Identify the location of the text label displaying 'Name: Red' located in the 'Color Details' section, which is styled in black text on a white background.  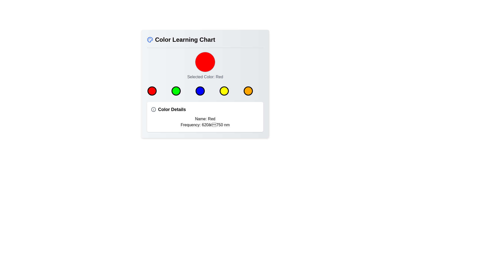
(205, 119).